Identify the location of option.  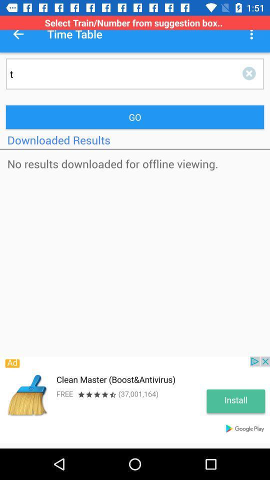
(250, 73).